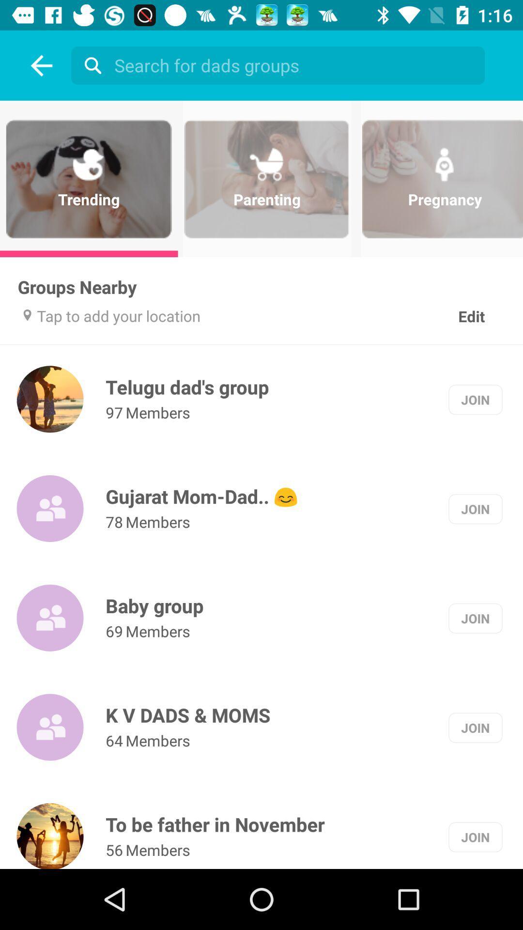 This screenshot has width=523, height=930. I want to click on icon next to join item, so click(154, 605).